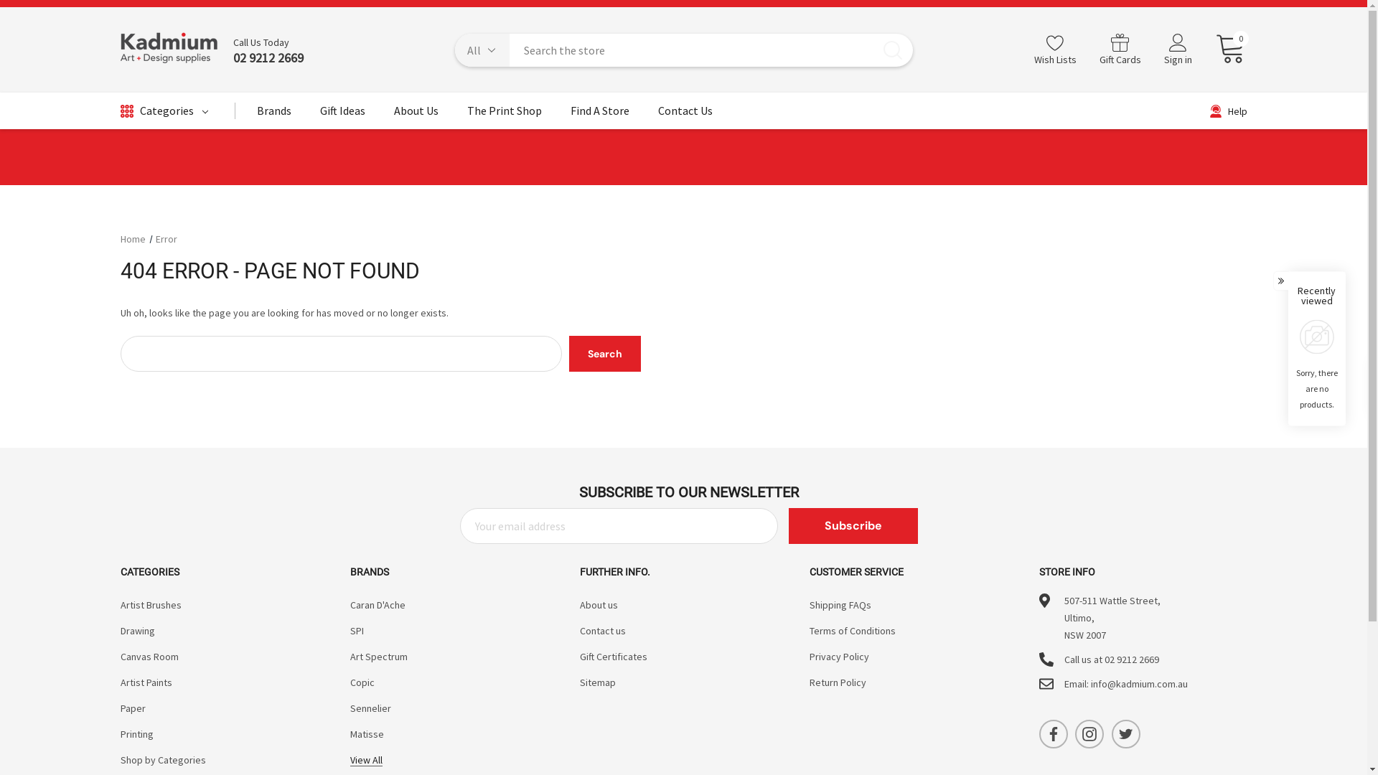 The height and width of the screenshot is (775, 1378). Describe the element at coordinates (166, 238) in the screenshot. I see `'Error'` at that location.